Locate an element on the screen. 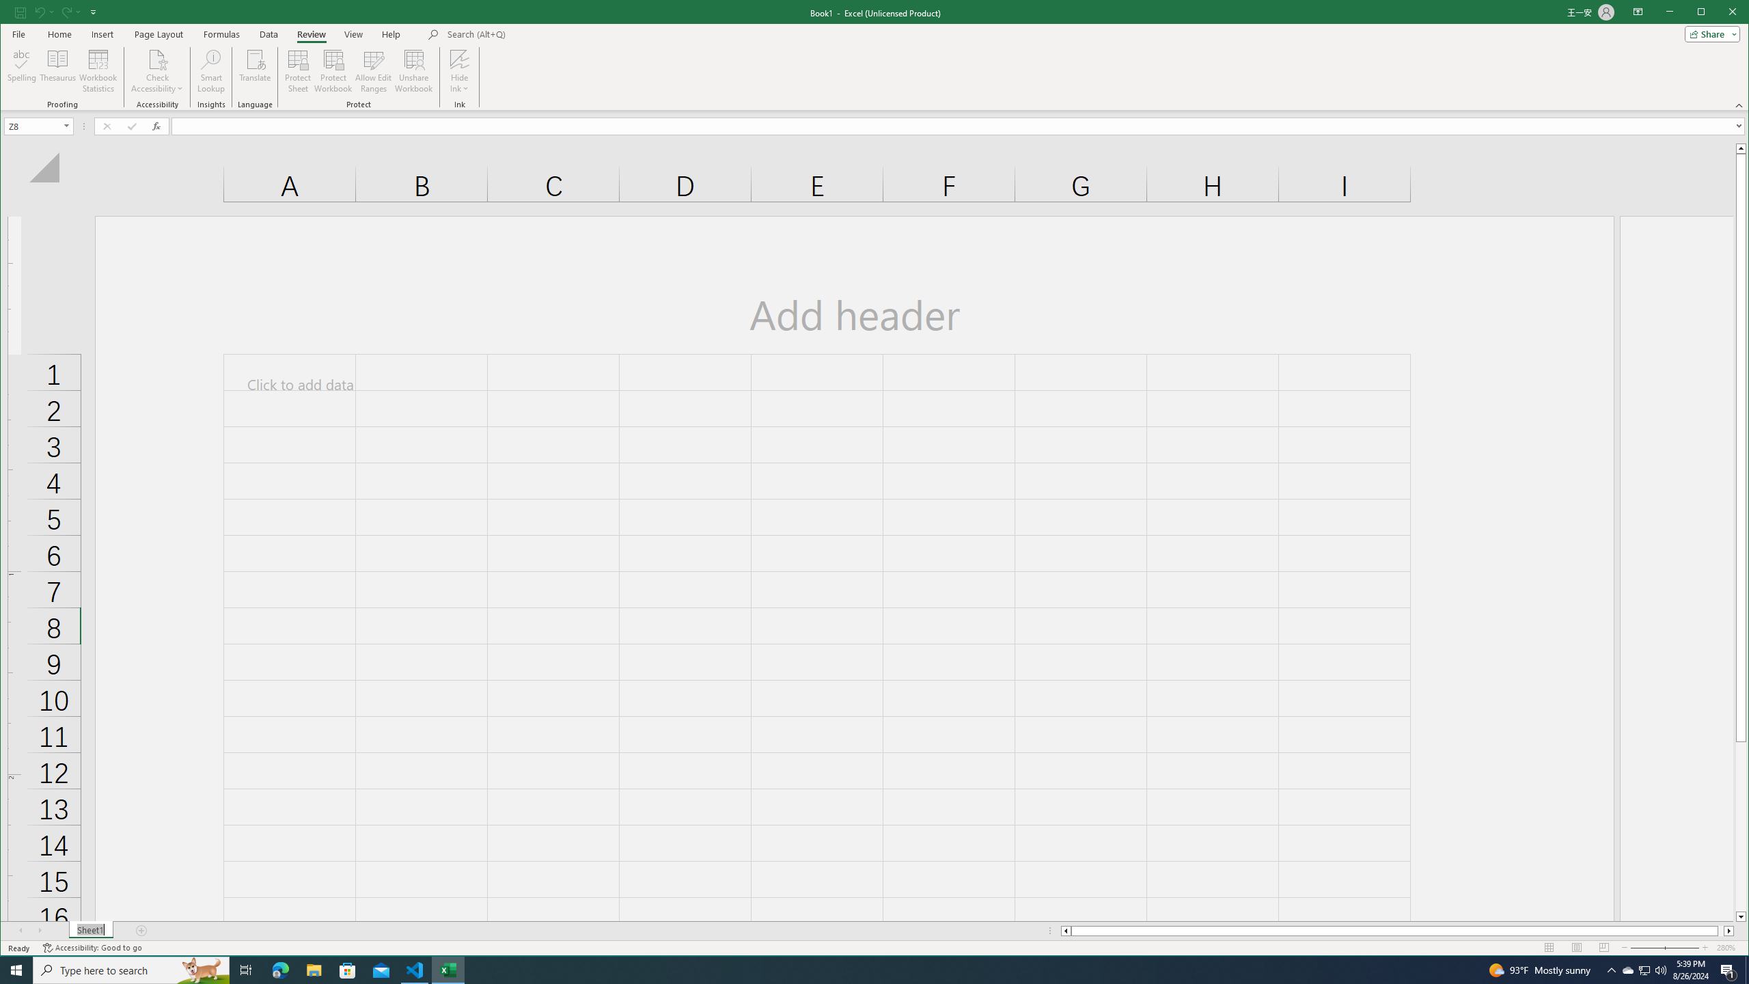 The image size is (1749, 984). 'Protect Sheet...' is located at coordinates (298, 70).